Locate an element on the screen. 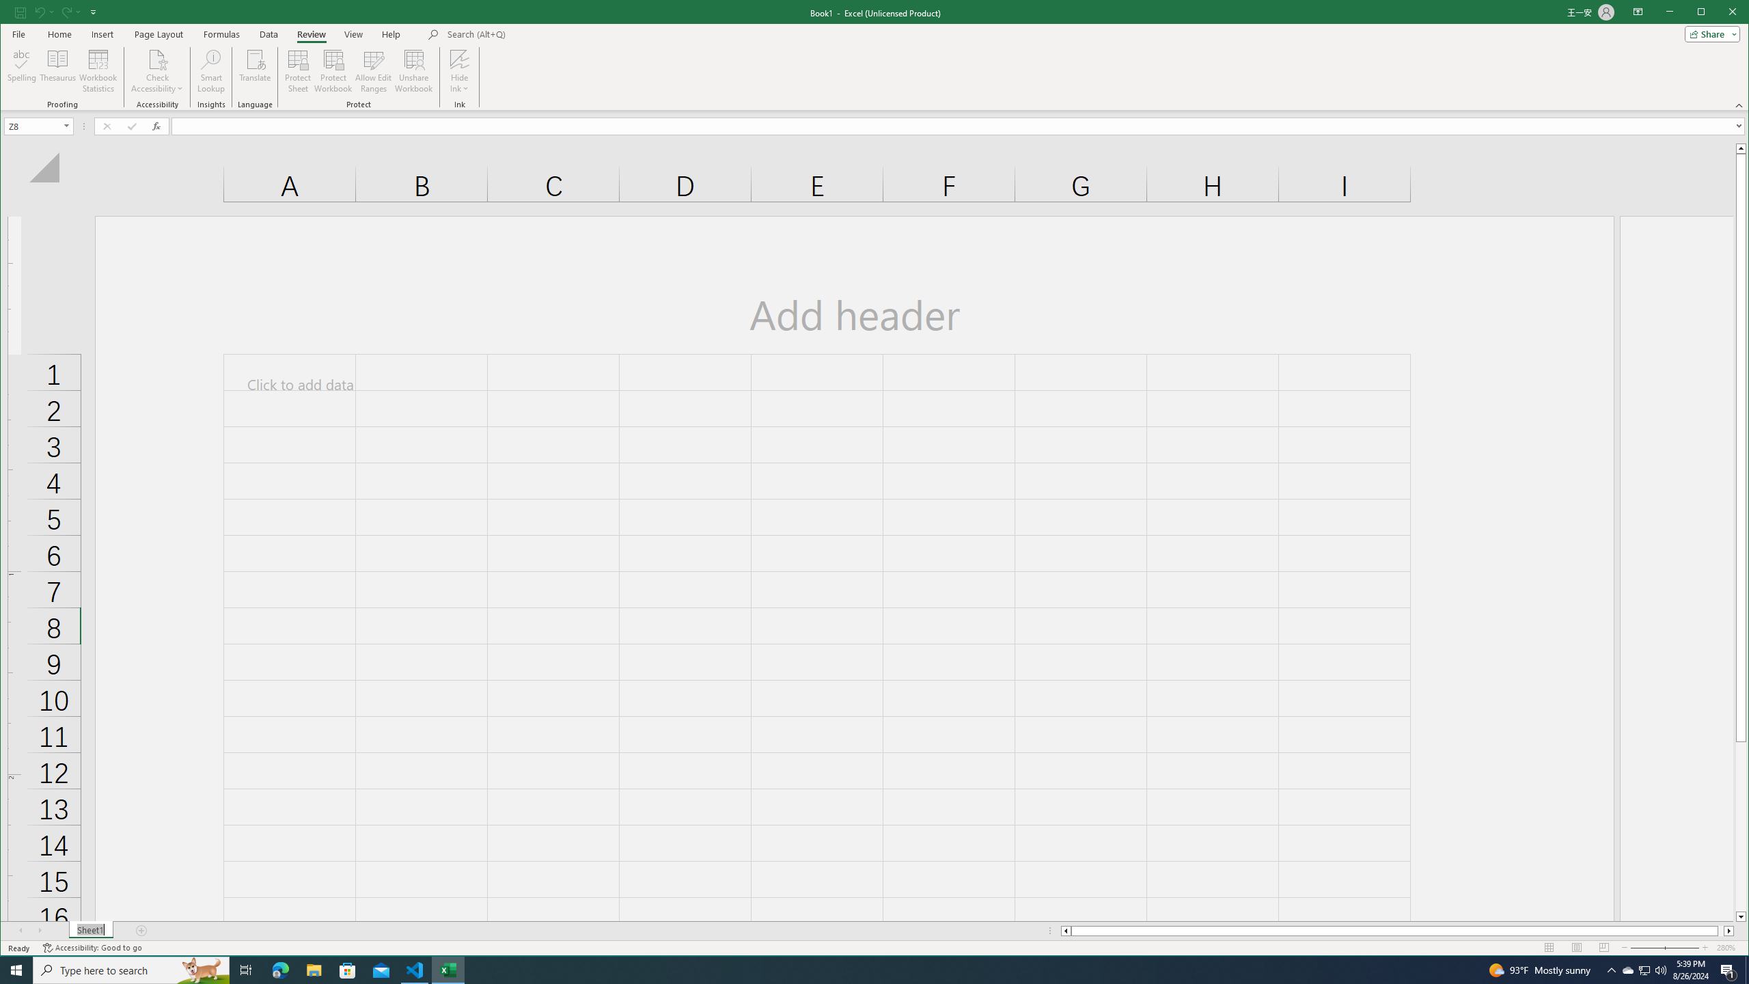 The image size is (1749, 984). 'Protect Sheet...' is located at coordinates (298, 70).